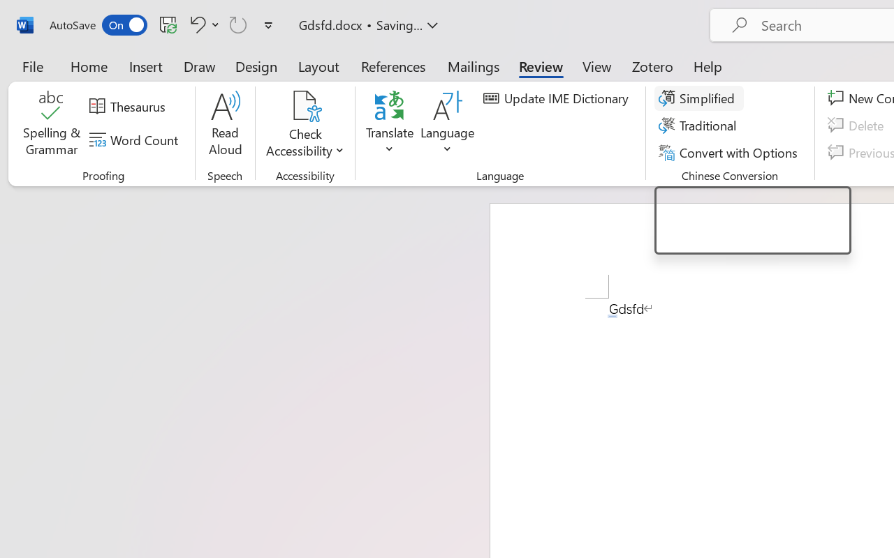  I want to click on 'Translate', so click(390, 125).